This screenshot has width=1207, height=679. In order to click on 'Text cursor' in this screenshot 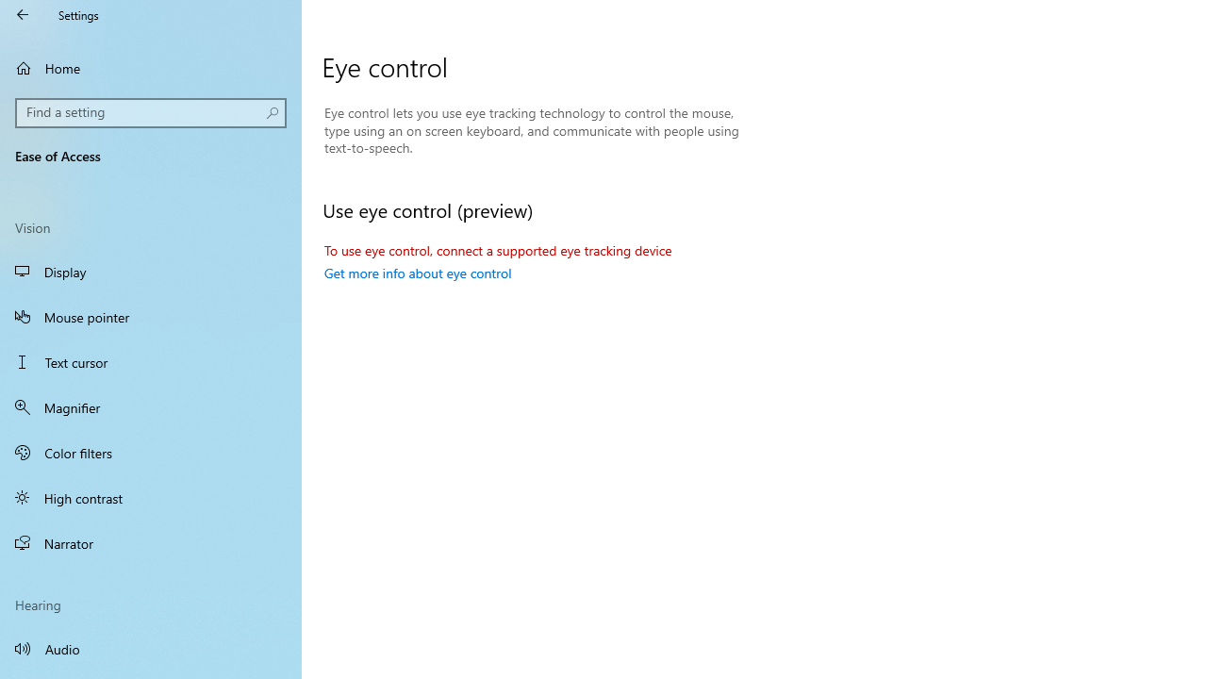, I will do `click(151, 362)`.